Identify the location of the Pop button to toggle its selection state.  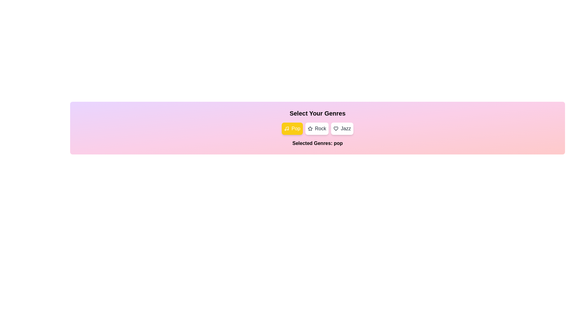
(292, 128).